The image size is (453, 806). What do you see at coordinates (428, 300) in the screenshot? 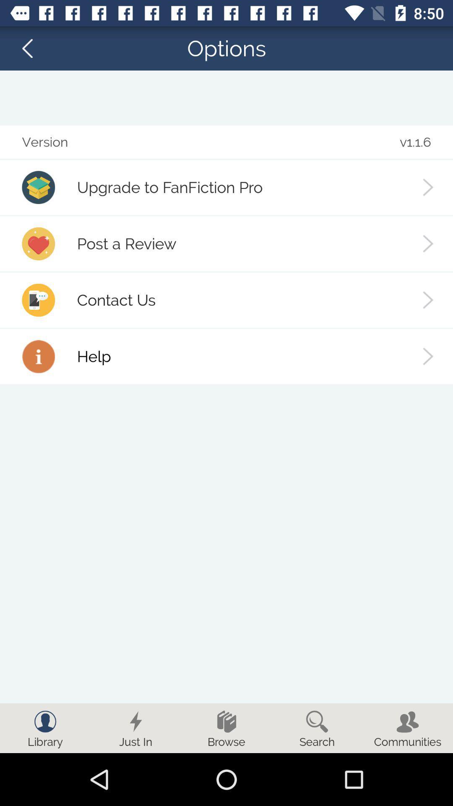
I see `the button which is right to the text contact us` at bounding box center [428, 300].